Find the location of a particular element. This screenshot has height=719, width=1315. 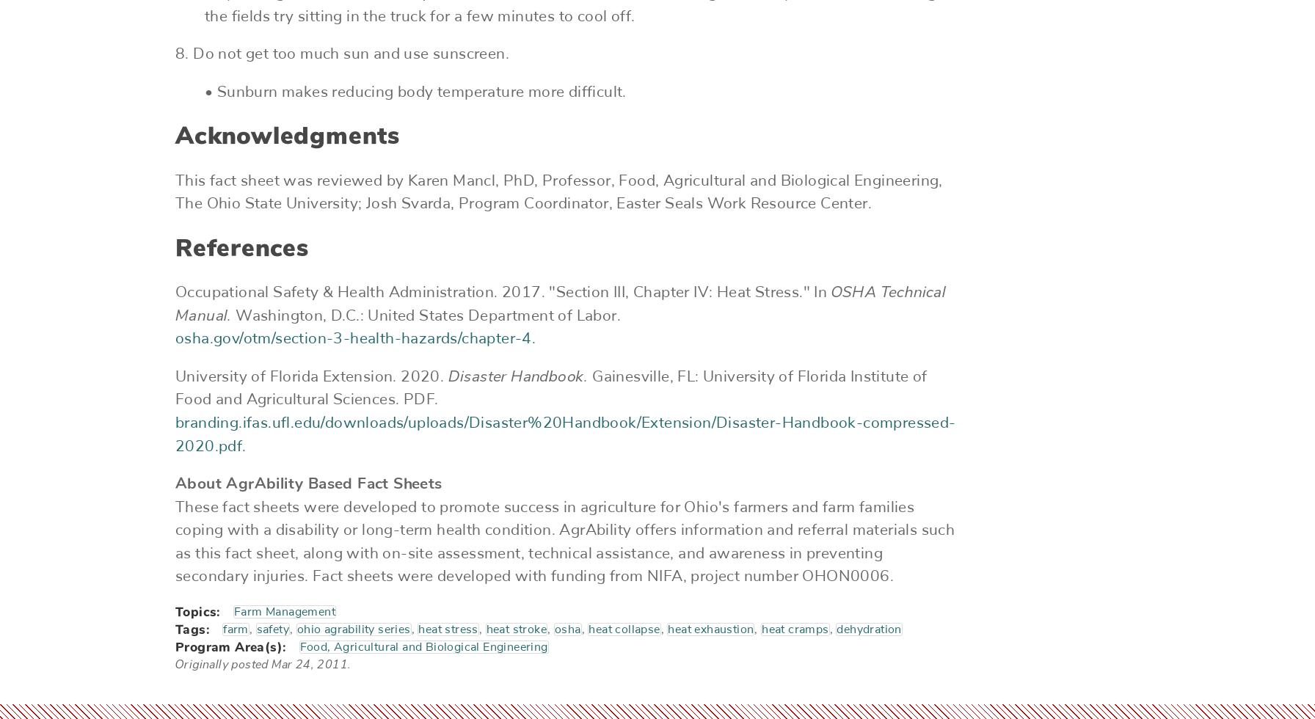

'About AgrAbility Based Fact Sheets' is located at coordinates (308, 483).